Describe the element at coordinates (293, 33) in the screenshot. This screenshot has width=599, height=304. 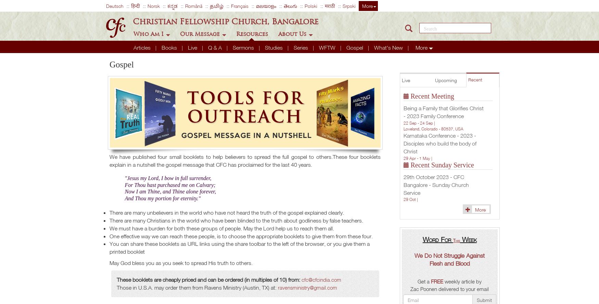
I see `'About Us'` at that location.